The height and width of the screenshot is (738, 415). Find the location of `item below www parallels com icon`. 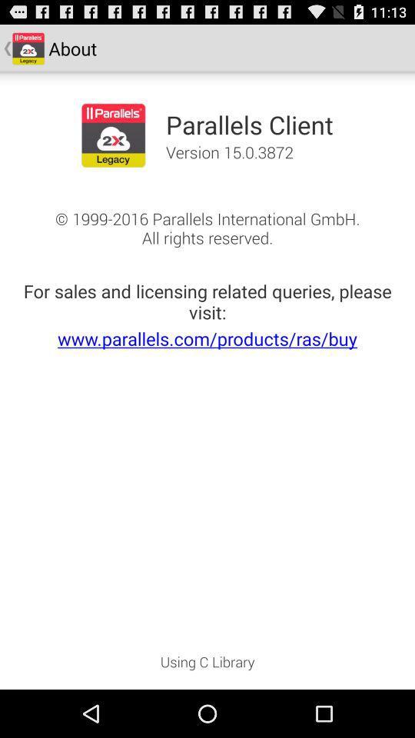

item below www parallels com icon is located at coordinates (207, 666).